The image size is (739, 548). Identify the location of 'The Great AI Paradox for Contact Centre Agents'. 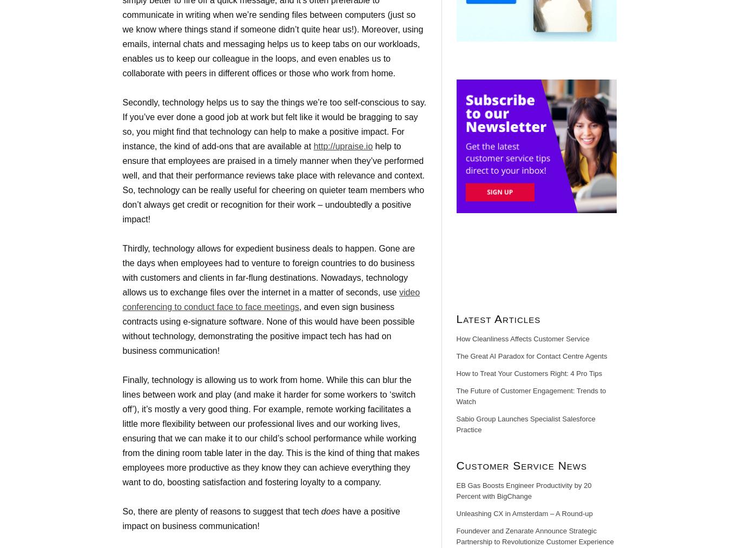
(531, 355).